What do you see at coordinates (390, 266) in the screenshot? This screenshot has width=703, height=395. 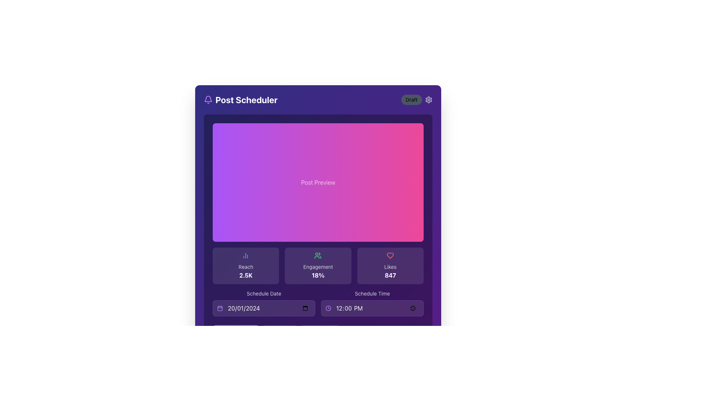 I see `displayed metric from the third Metric card, which shows the 'Likes' count of '847' with a heart icon, located at the far right of the grid below the 'Post Preview' section` at bounding box center [390, 266].